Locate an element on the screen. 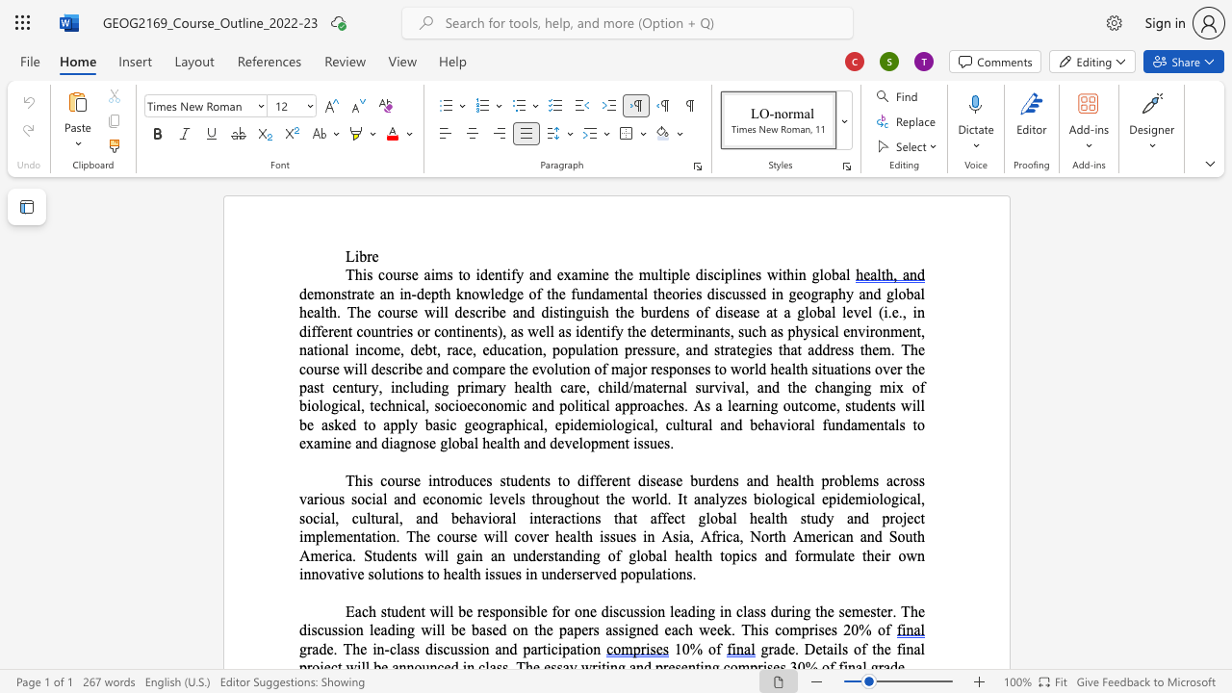  the space between the continuous character "e" and "a" in the text is located at coordinates (737, 404).